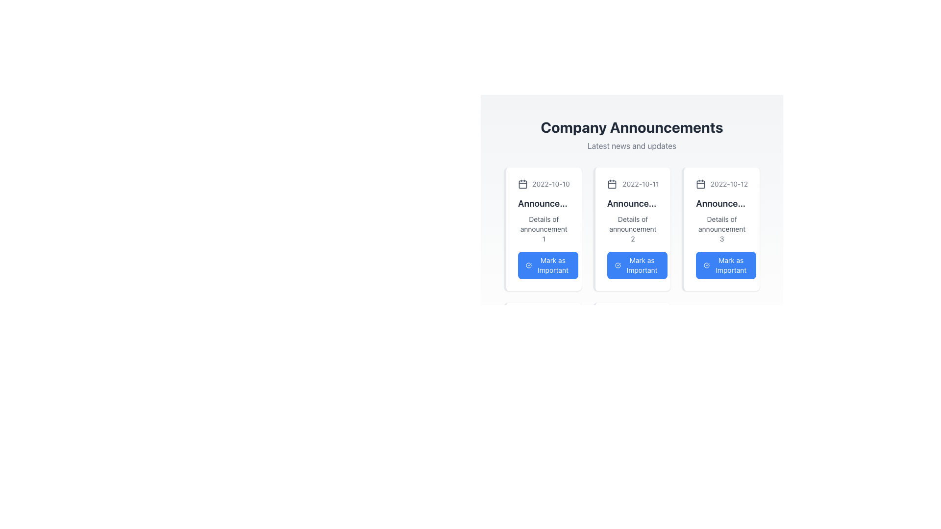 This screenshot has width=941, height=529. I want to click on the decorative calendar icon located in the top left portion of the announcement card for October 10, 2022, in the 'Company Announcements' section, so click(522, 184).